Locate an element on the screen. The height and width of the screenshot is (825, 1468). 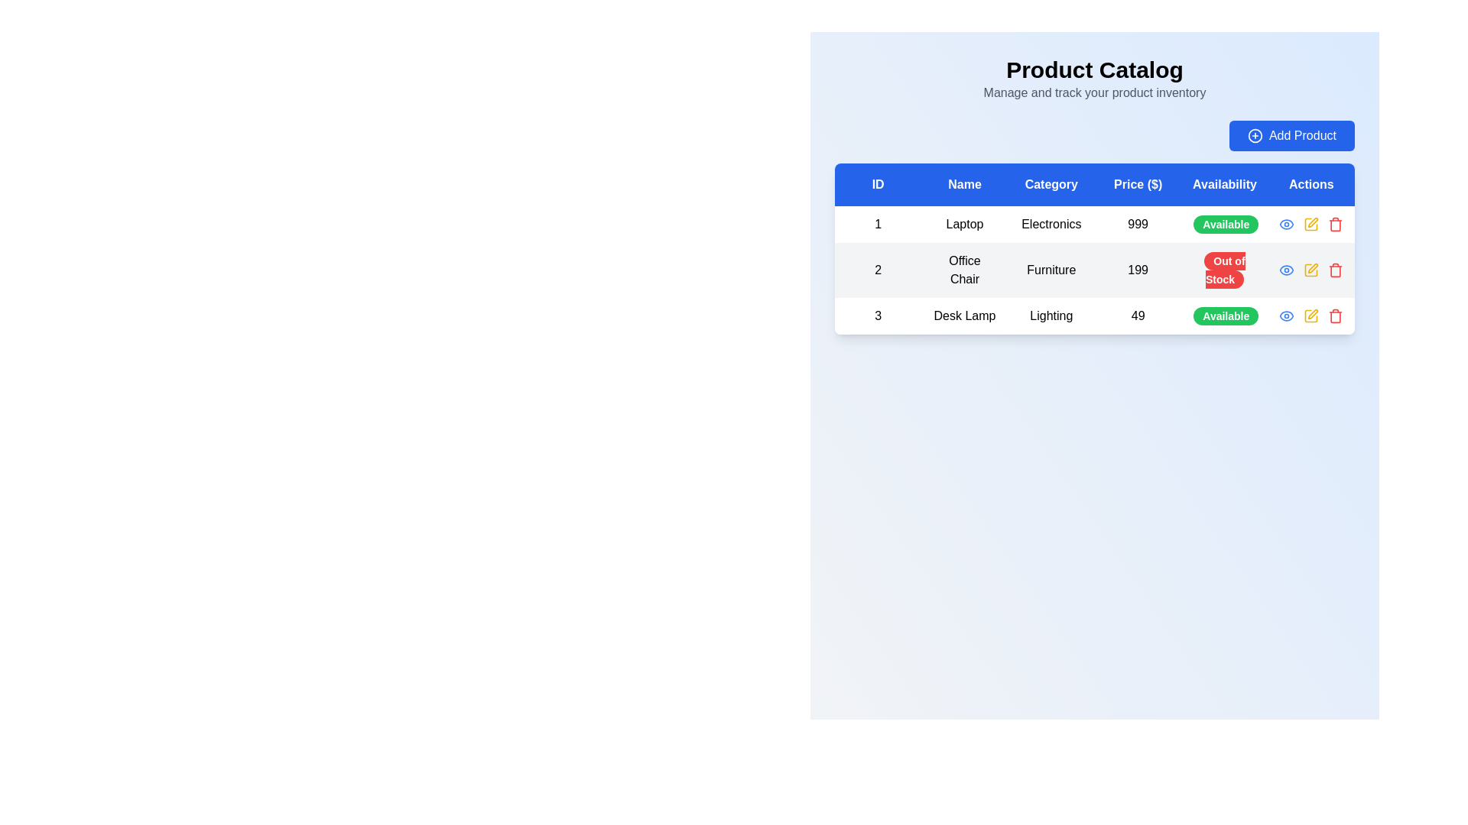
the edit icon in the Actions column of the product table for the 'Office Chair' is located at coordinates (1310, 224).